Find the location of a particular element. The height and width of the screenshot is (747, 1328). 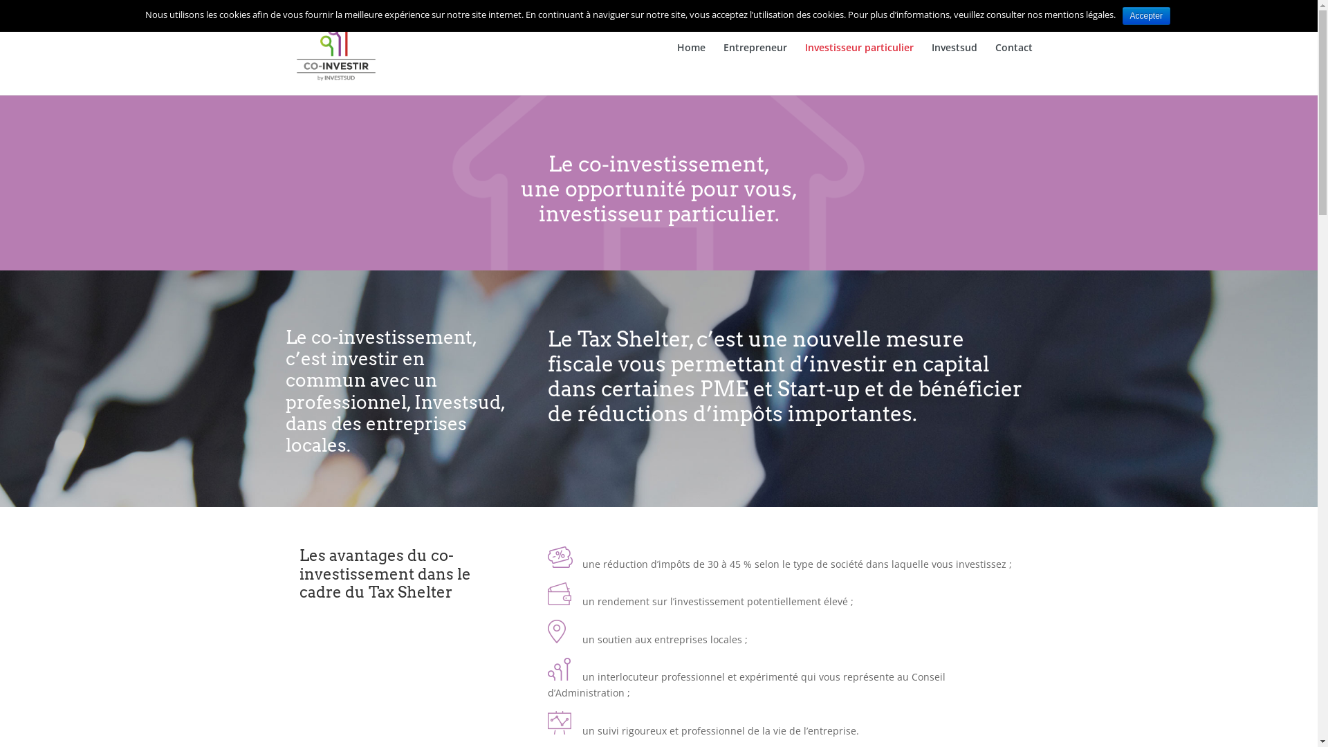

'Investsud' is located at coordinates (952, 69).